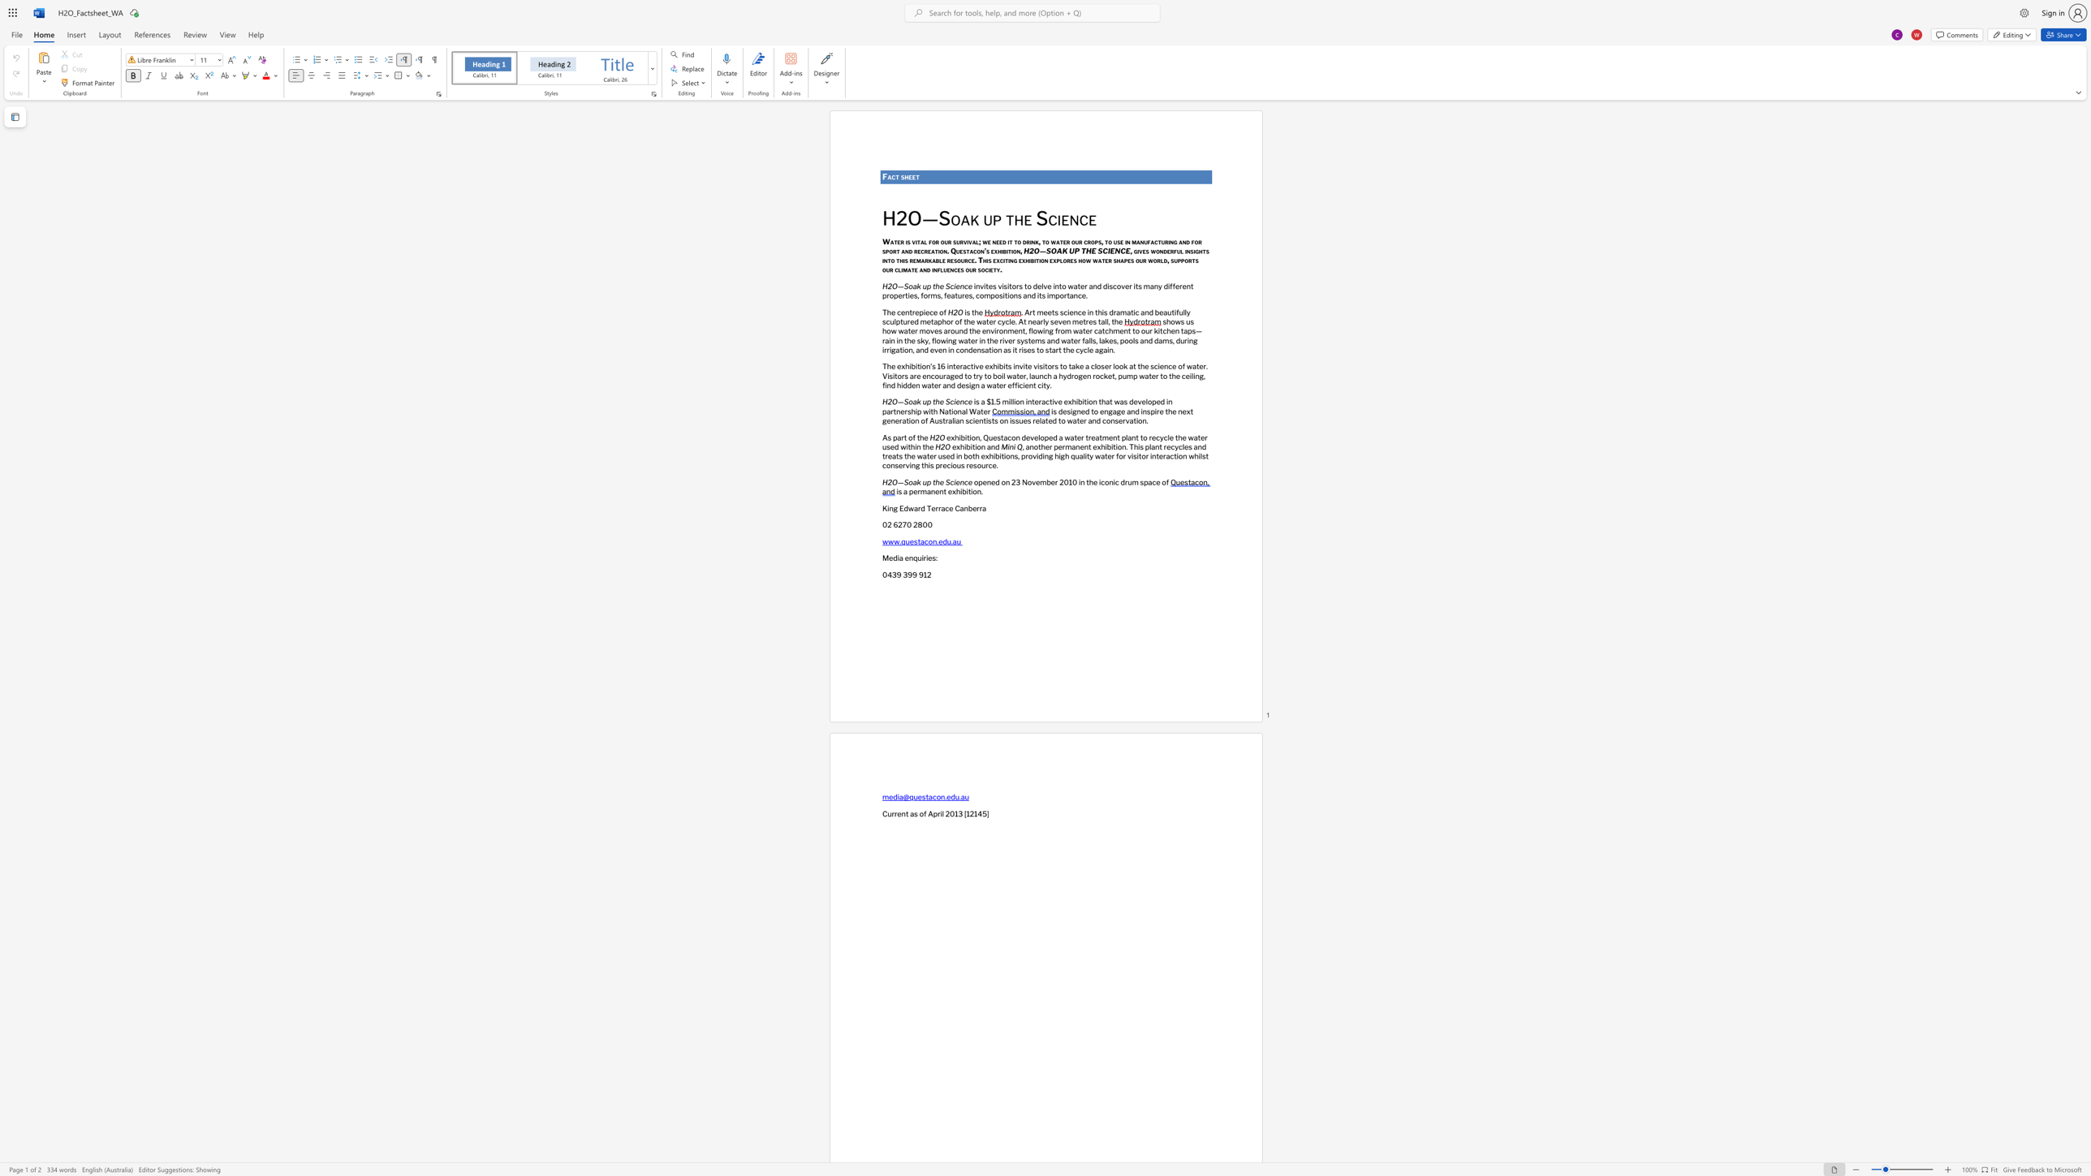 The image size is (2091, 1176). I want to click on the subset text "ols and dams, during irrigation, and even in condensation as it rises to start the cycle ag" within the text "rain in the sky, flowing water in the river systems and water falls, lakes, pools and dams, during irrigation, and even in condensation as it rises to start the cycle again.", so click(1127, 339).